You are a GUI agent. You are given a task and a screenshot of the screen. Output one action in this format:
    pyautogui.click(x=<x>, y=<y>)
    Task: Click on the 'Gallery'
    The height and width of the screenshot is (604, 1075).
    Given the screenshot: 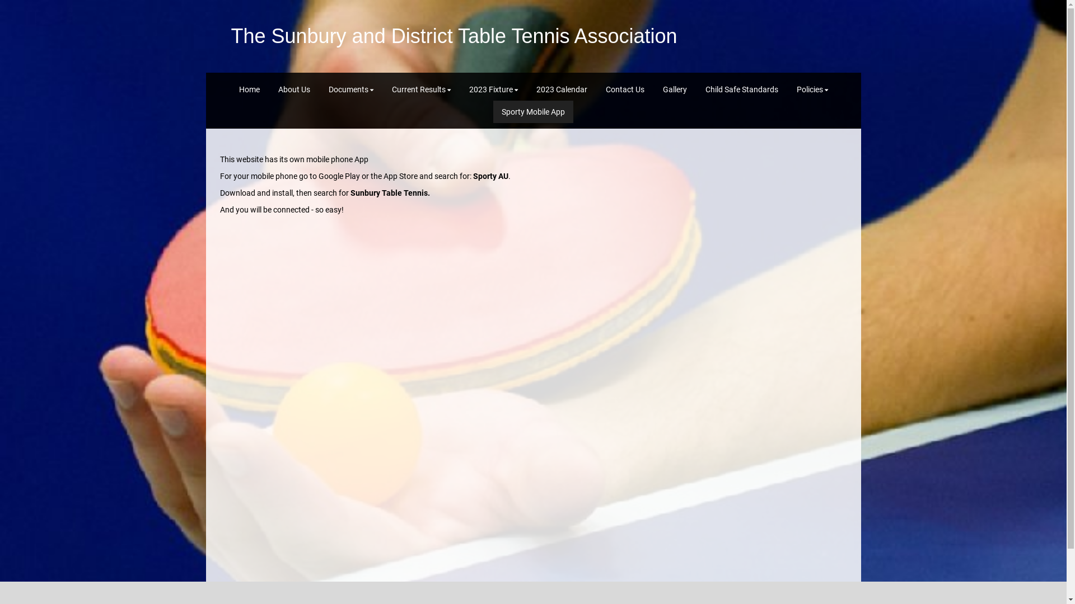 What is the action you would take?
    pyautogui.click(x=653, y=88)
    